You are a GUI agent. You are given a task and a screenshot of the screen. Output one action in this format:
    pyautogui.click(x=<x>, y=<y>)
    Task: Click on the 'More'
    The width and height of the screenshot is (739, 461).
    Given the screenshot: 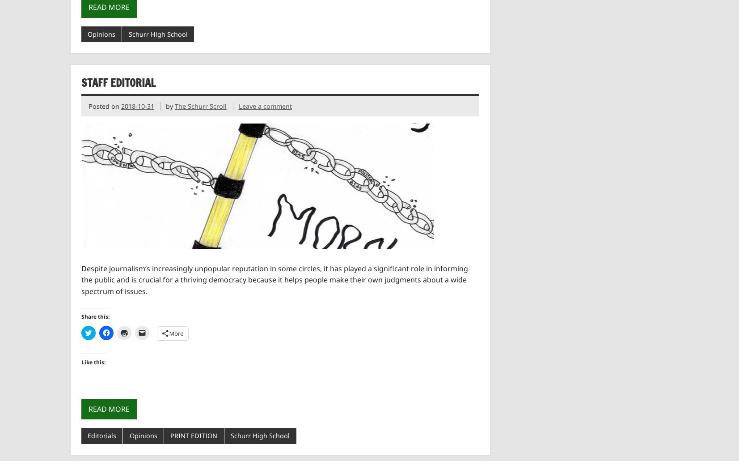 What is the action you would take?
    pyautogui.click(x=176, y=333)
    